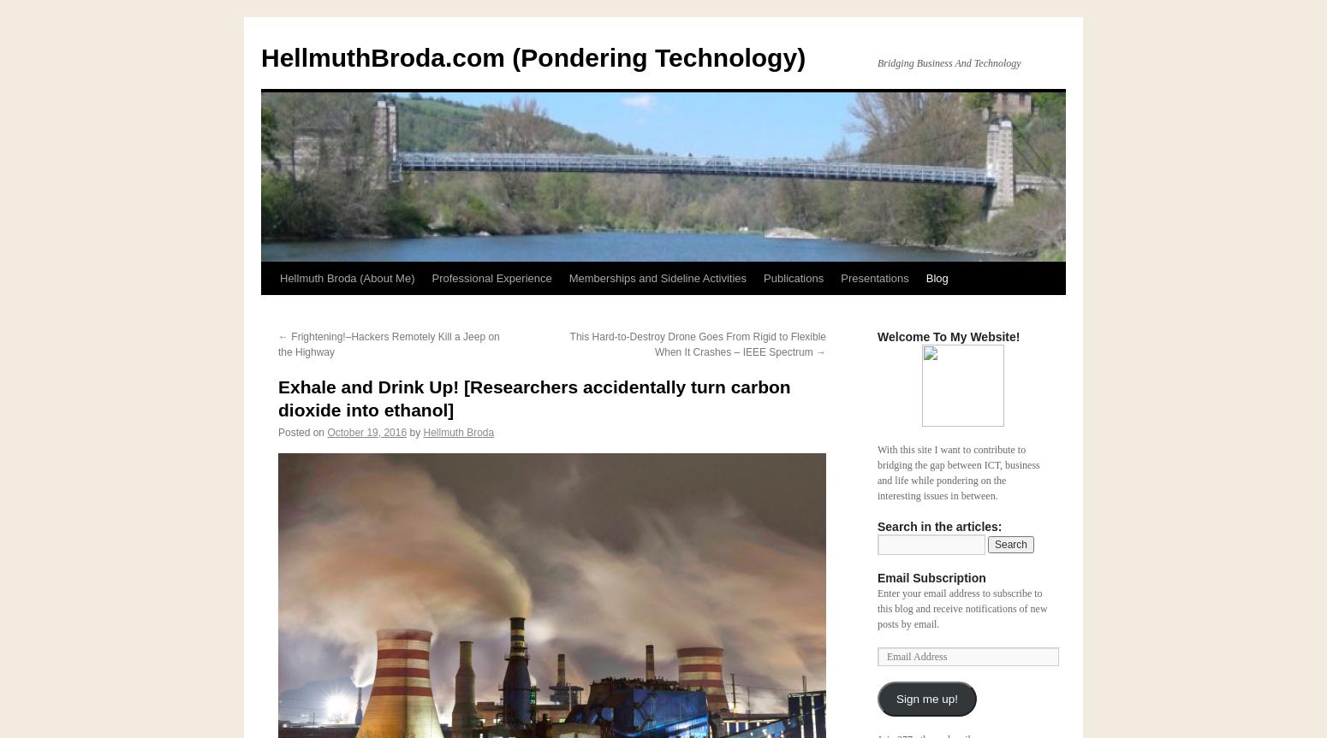 The height and width of the screenshot is (738, 1327). I want to click on 'Welcome To My Website!', so click(947, 336).